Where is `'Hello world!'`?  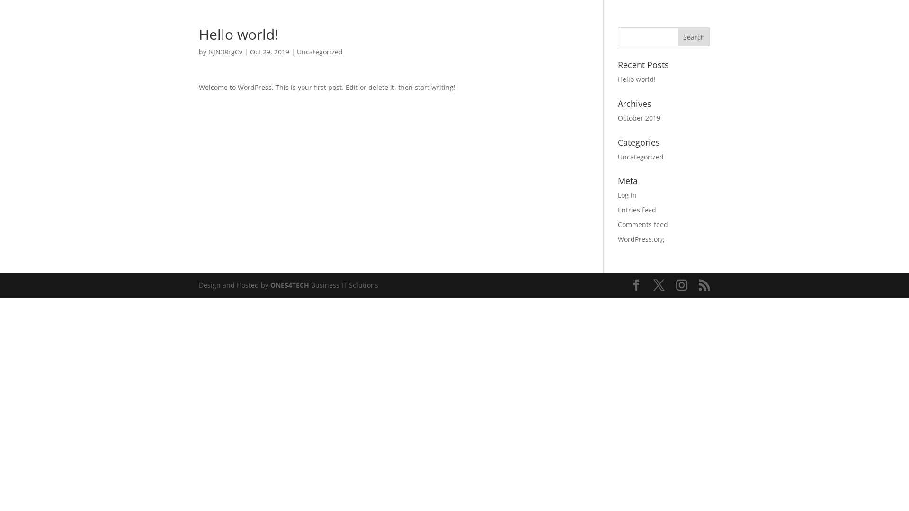
'Hello world!' is located at coordinates (636, 79).